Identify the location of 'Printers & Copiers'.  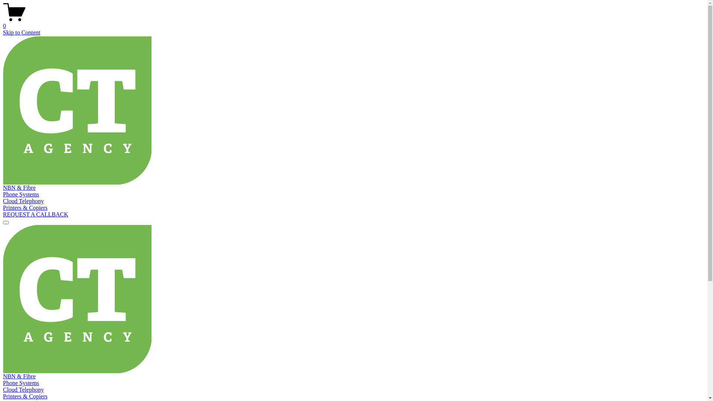
(25, 208).